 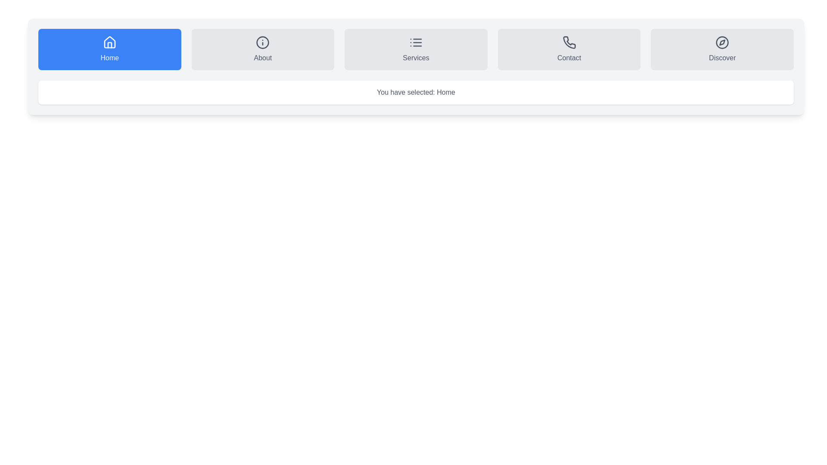 I want to click on the 'About' label located in the navigation bar, which is part of a button-like interface unit between 'Home' and 'Services', so click(x=262, y=58).